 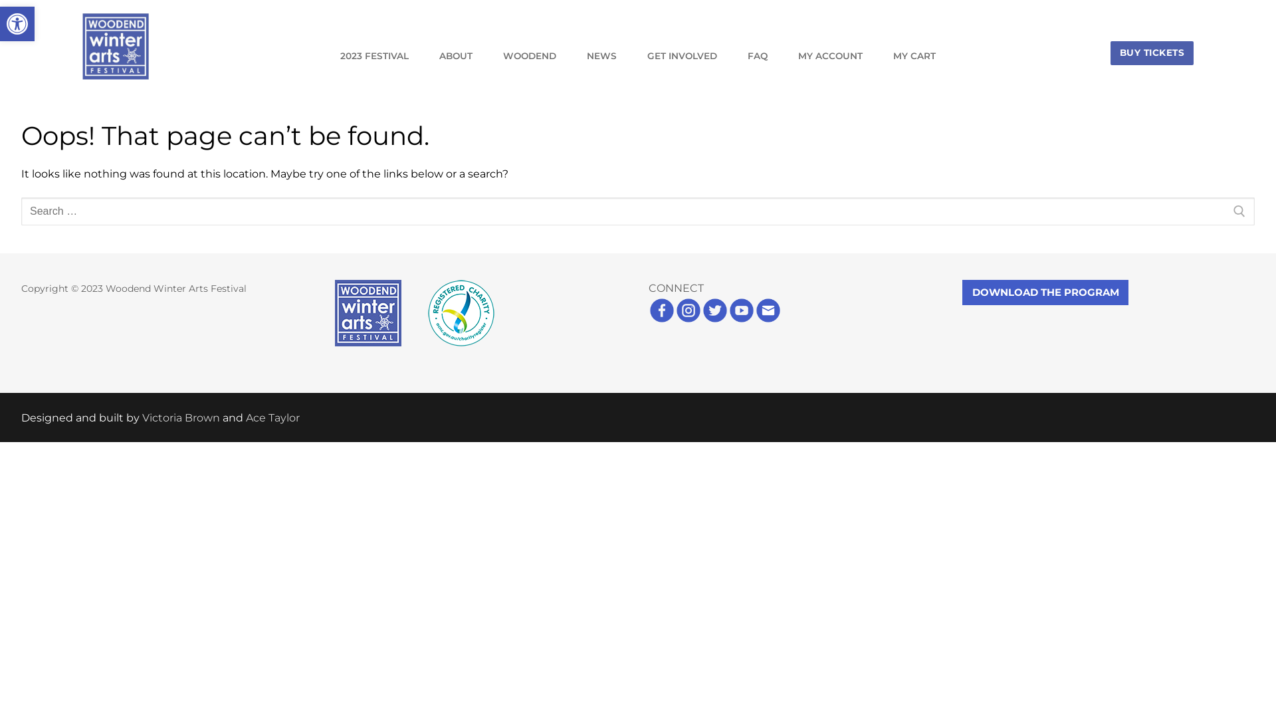 What do you see at coordinates (456, 55) in the screenshot?
I see `'ABOUT'` at bounding box center [456, 55].